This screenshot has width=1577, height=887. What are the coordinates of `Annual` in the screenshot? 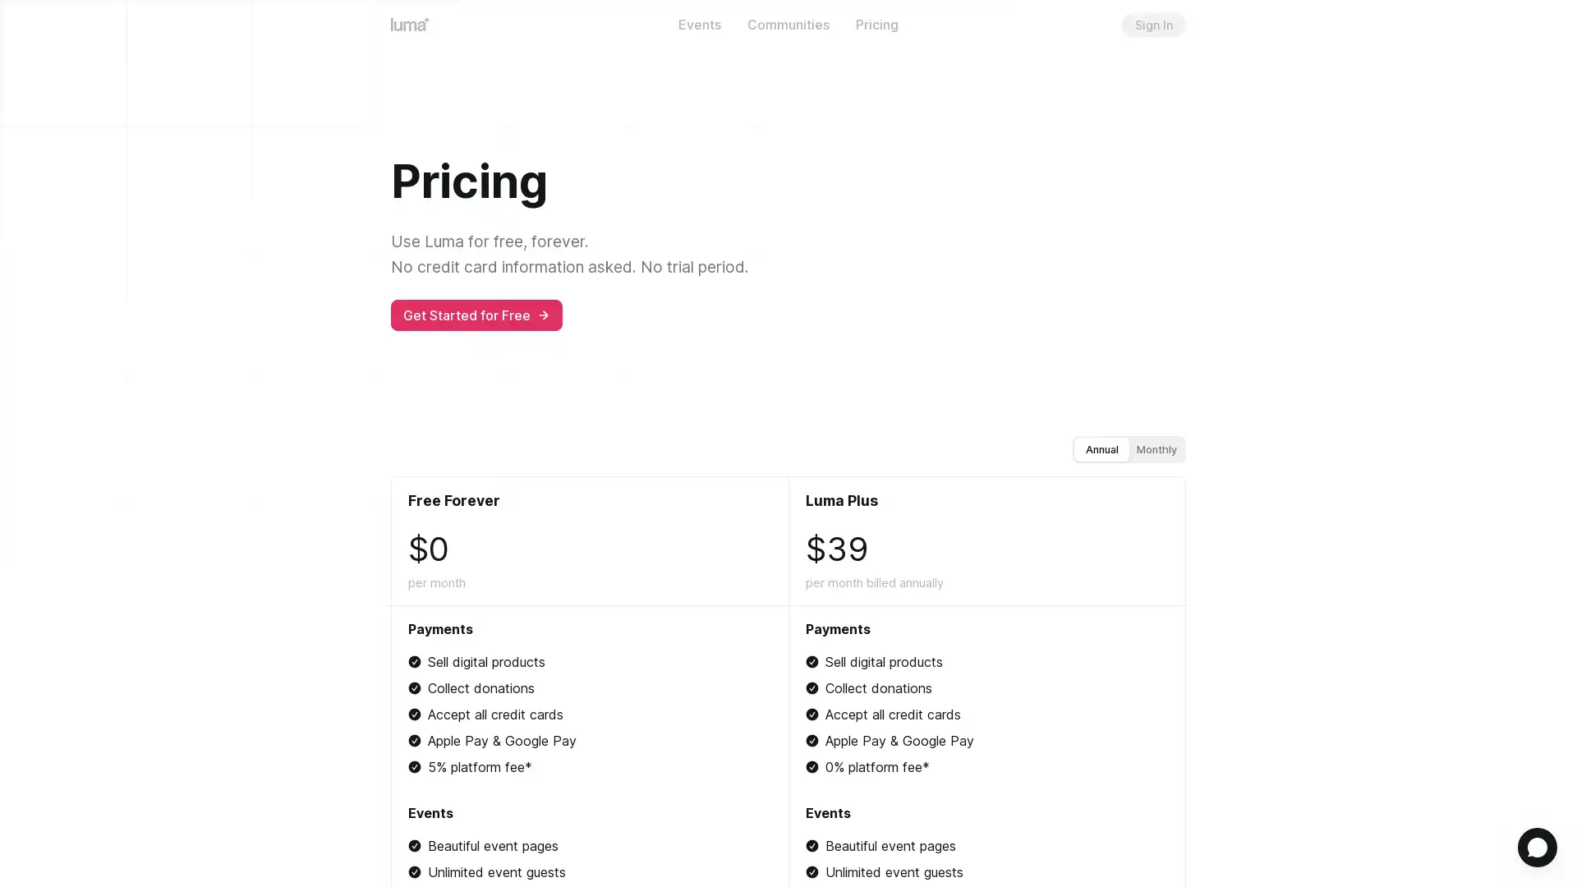 It's located at (1101, 448).